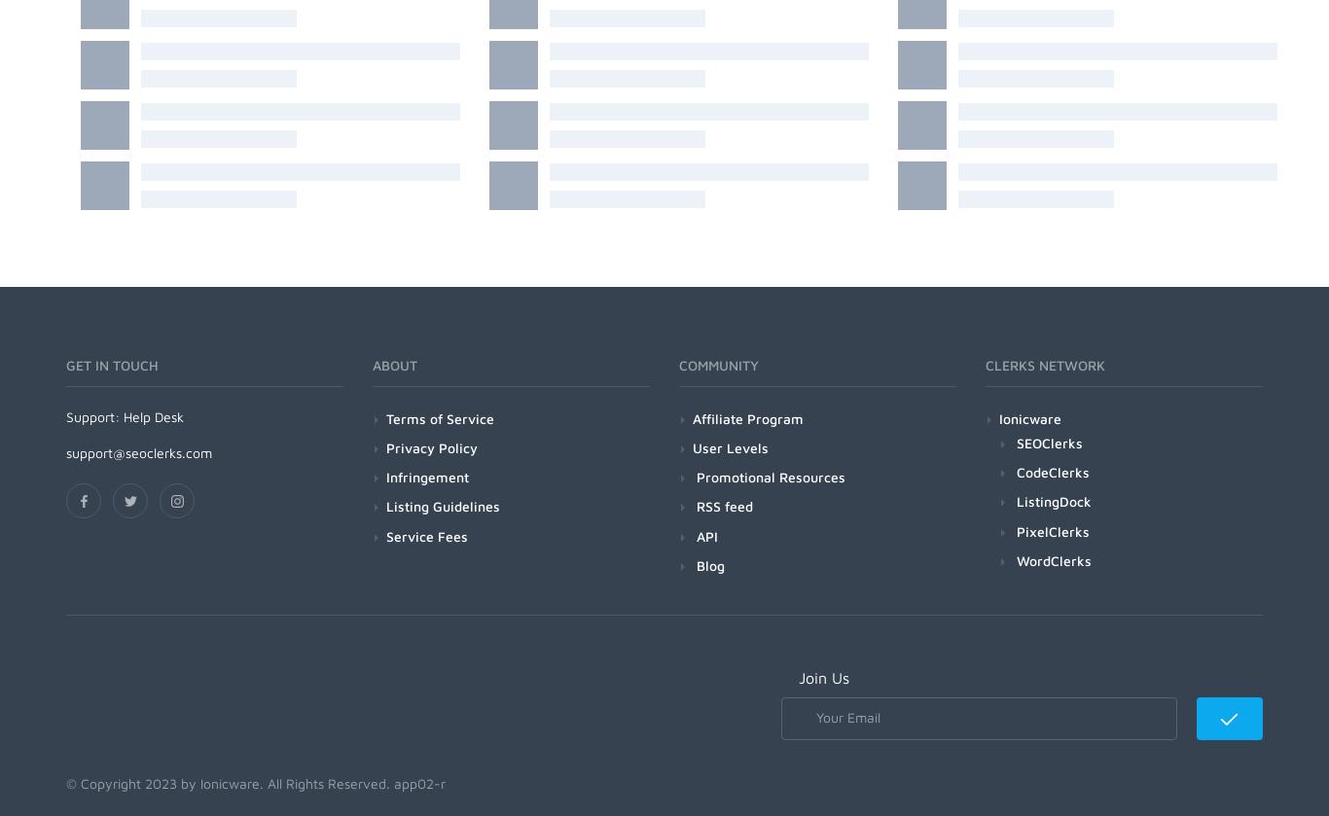 The width and height of the screenshot is (1329, 816). I want to click on 'Get in touch', so click(66, 365).